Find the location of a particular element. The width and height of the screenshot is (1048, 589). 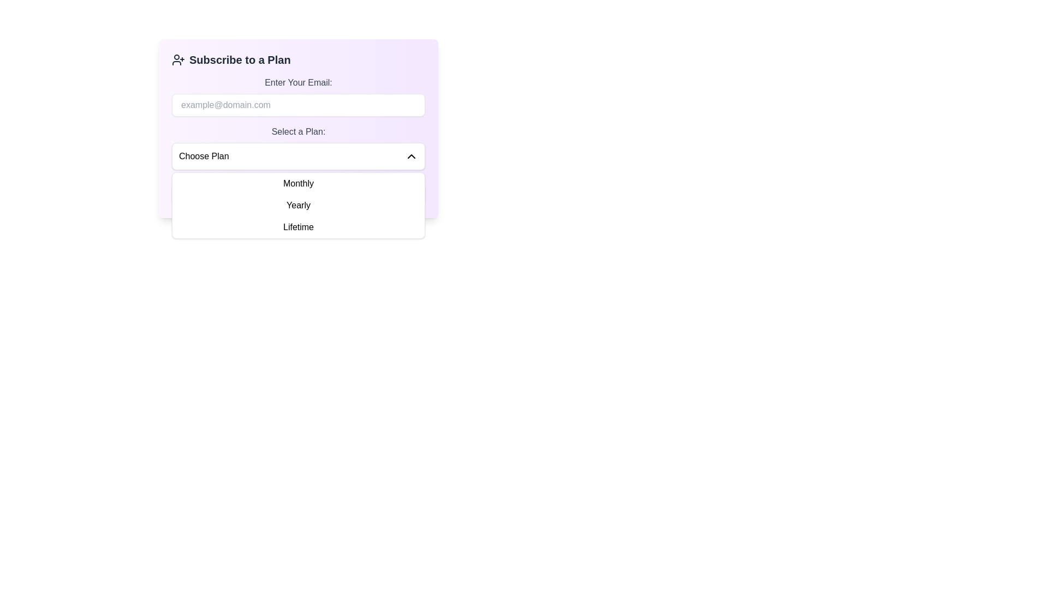

the third option in the dropdown menu is located at coordinates (299, 226).